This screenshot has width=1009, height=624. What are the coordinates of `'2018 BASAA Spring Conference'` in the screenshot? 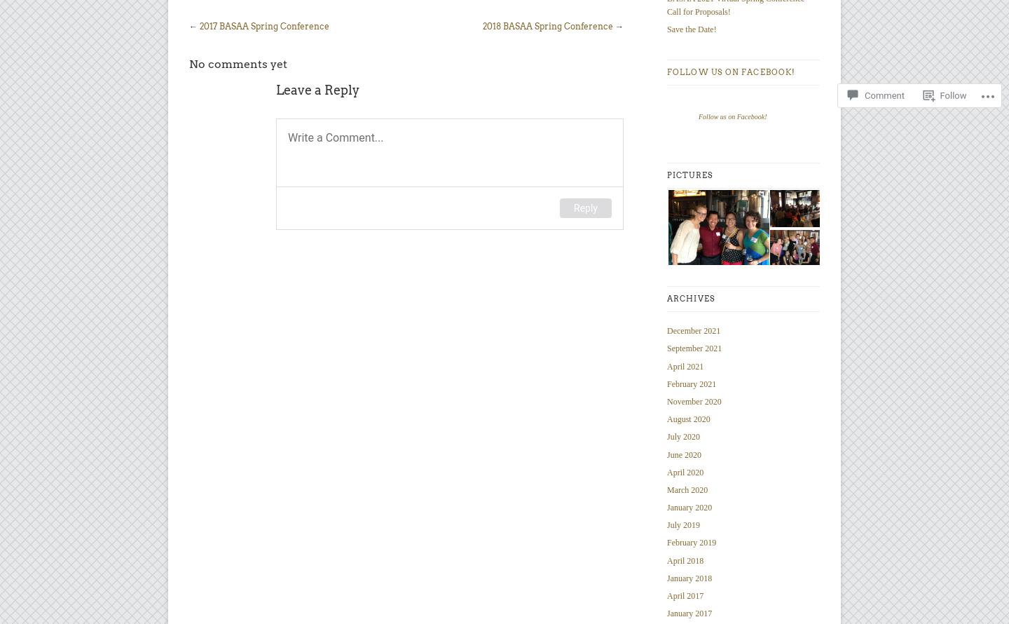 It's located at (483, 26).